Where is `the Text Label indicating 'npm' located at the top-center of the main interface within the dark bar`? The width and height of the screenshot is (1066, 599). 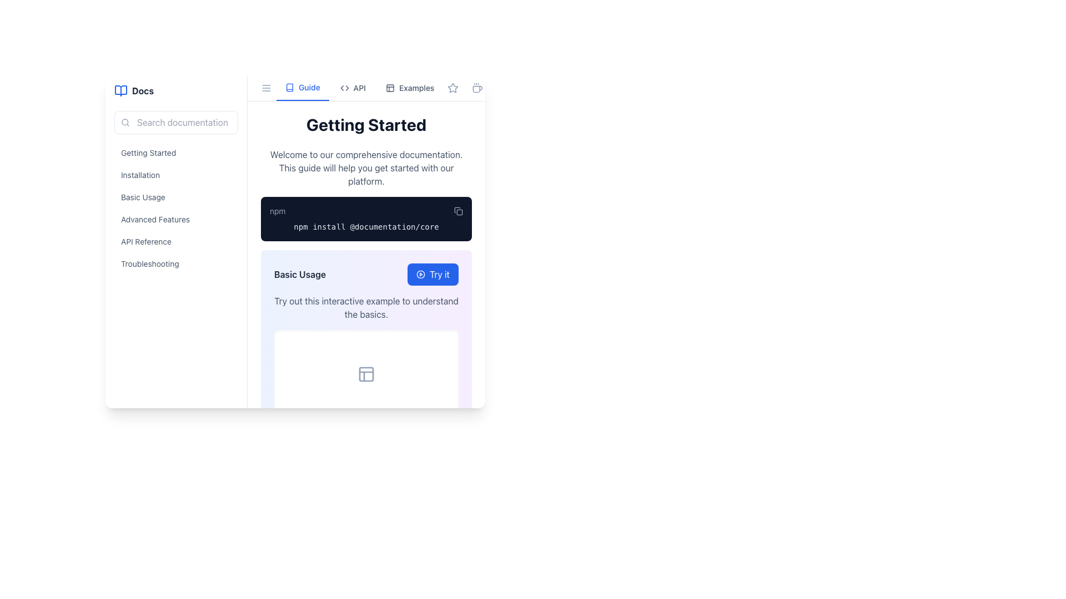 the Text Label indicating 'npm' located at the top-center of the main interface within the dark bar is located at coordinates (278, 211).